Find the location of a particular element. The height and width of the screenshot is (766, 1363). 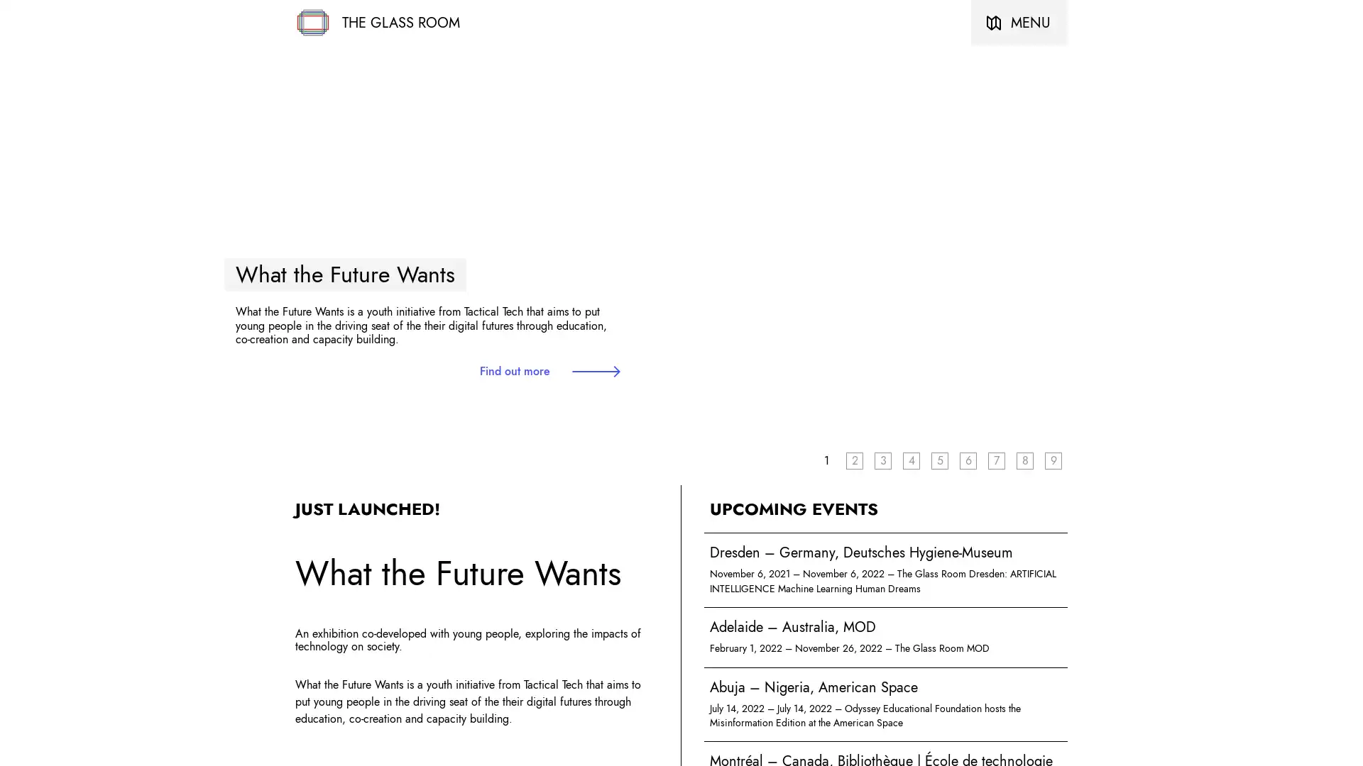

slide item 7 is located at coordinates (995, 460).